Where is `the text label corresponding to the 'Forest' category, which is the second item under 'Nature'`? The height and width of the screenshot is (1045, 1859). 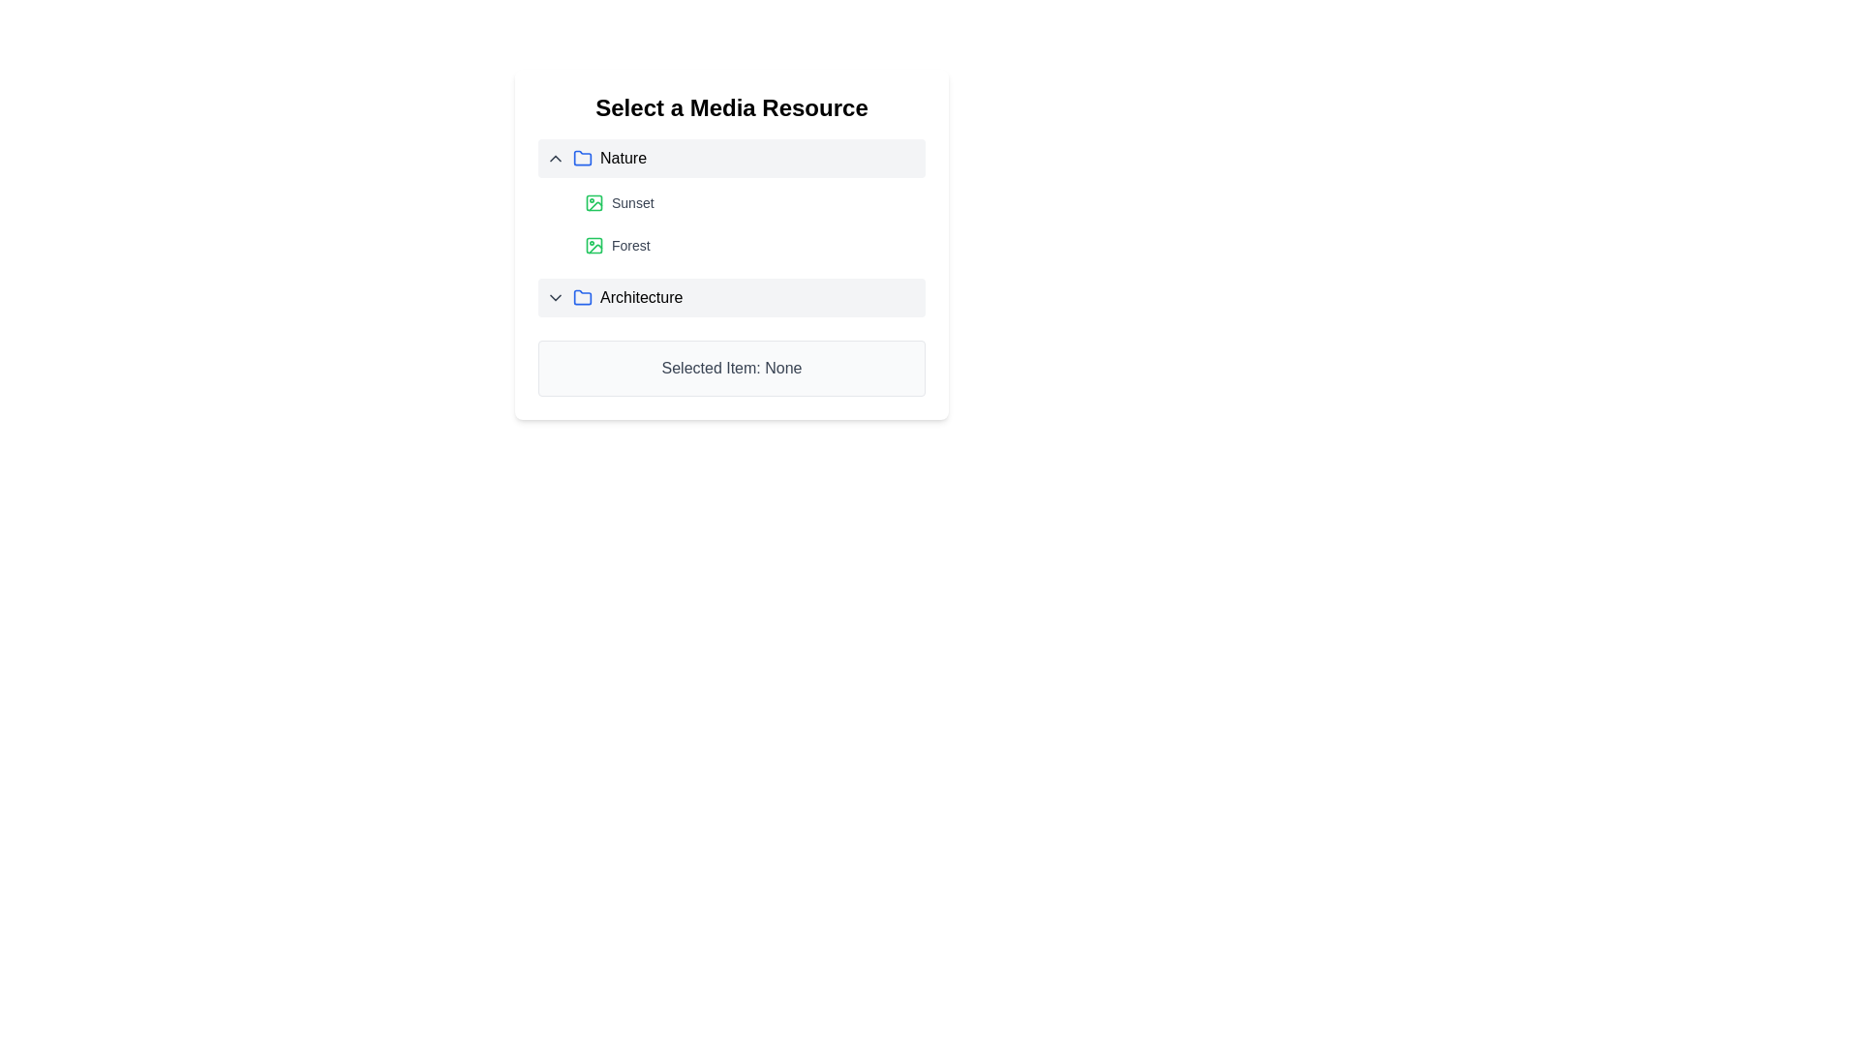 the text label corresponding to the 'Forest' category, which is the second item under 'Nature' is located at coordinates (630, 245).